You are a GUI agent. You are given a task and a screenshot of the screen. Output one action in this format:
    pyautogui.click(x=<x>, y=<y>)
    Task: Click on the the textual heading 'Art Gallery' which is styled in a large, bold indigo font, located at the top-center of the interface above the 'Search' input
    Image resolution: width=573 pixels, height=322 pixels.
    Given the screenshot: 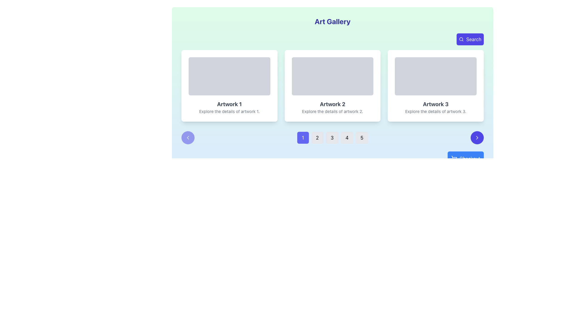 What is the action you would take?
    pyautogui.click(x=332, y=21)
    